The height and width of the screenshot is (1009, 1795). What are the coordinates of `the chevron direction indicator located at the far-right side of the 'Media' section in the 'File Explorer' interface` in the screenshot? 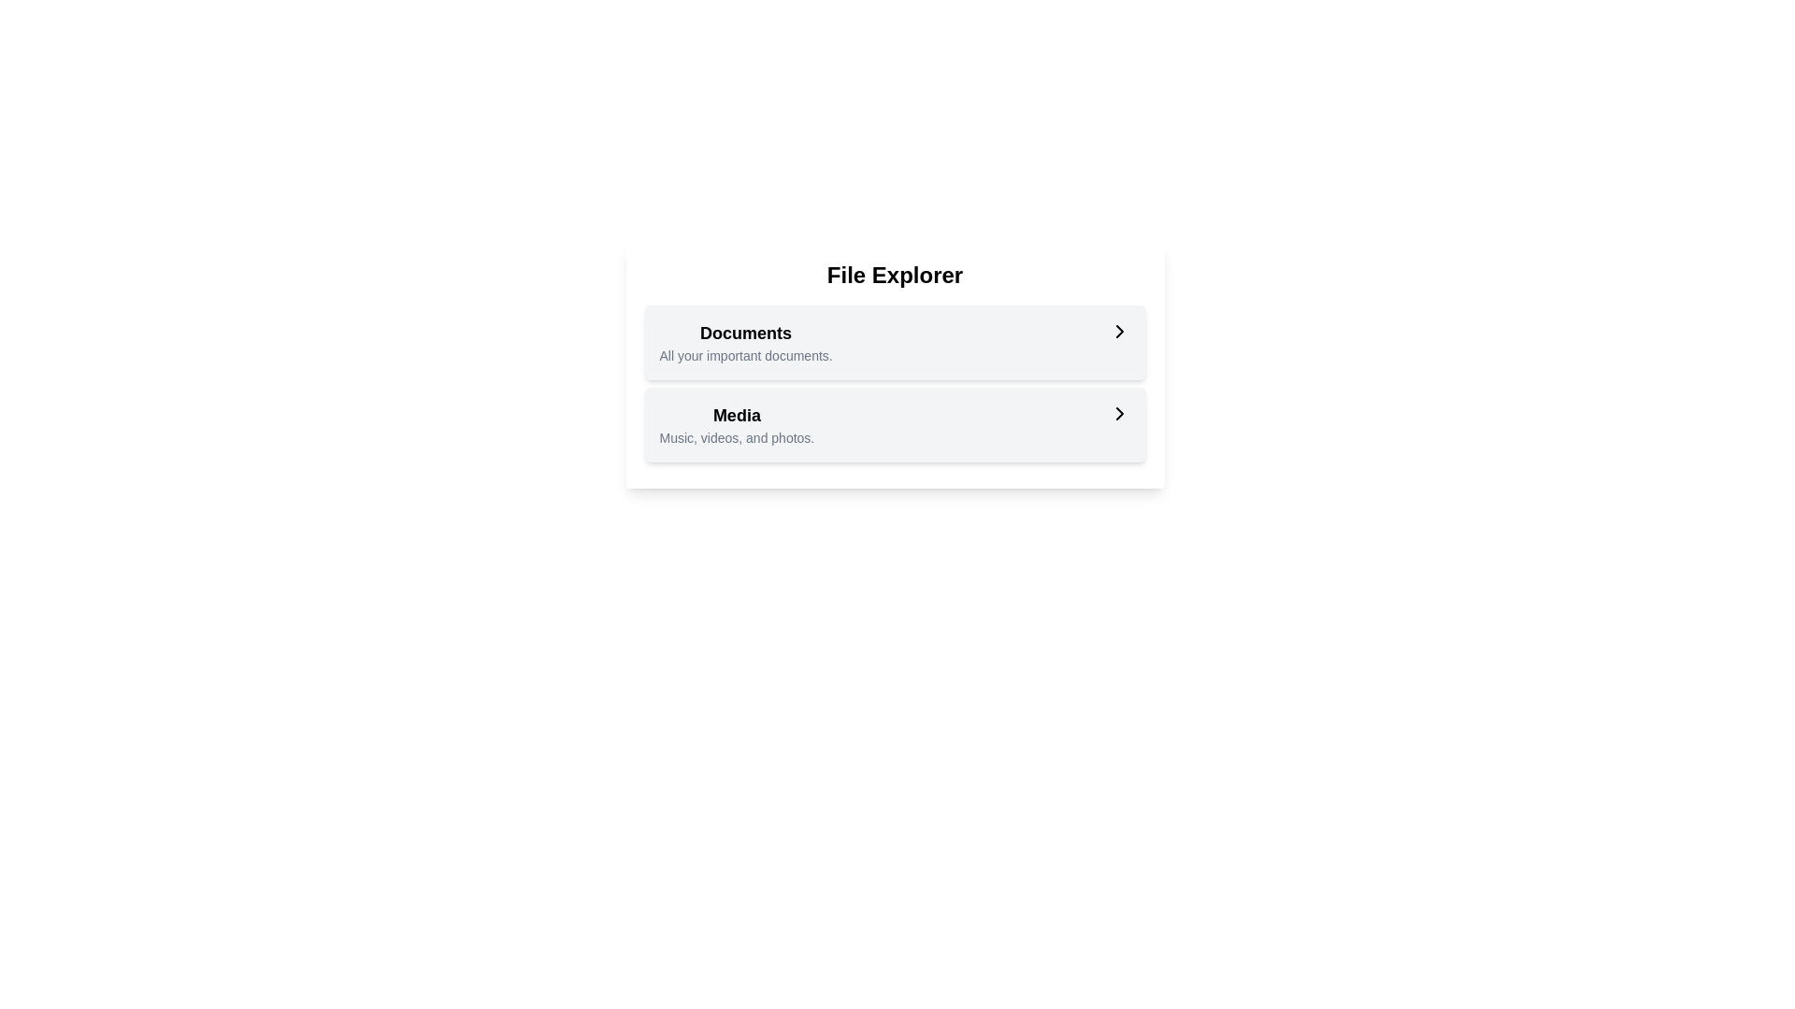 It's located at (1119, 413).